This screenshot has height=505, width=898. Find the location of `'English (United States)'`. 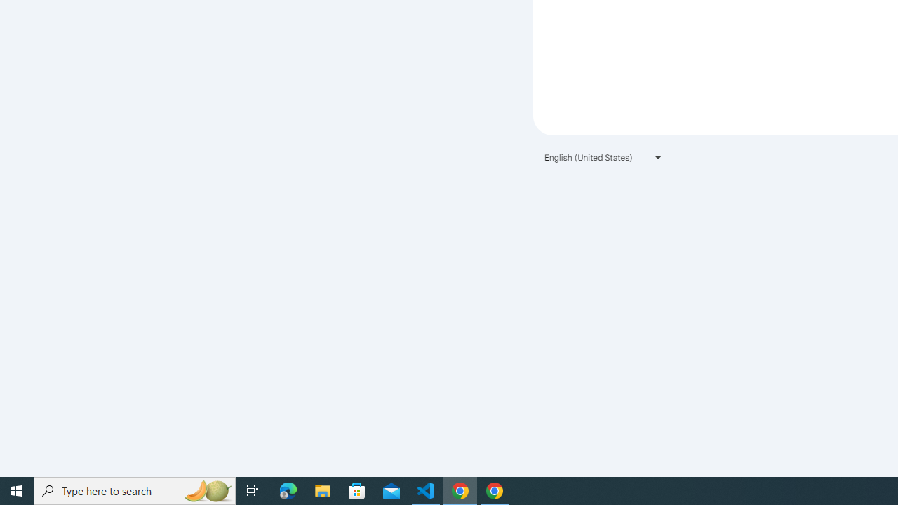

'English (United States)' is located at coordinates (603, 157).